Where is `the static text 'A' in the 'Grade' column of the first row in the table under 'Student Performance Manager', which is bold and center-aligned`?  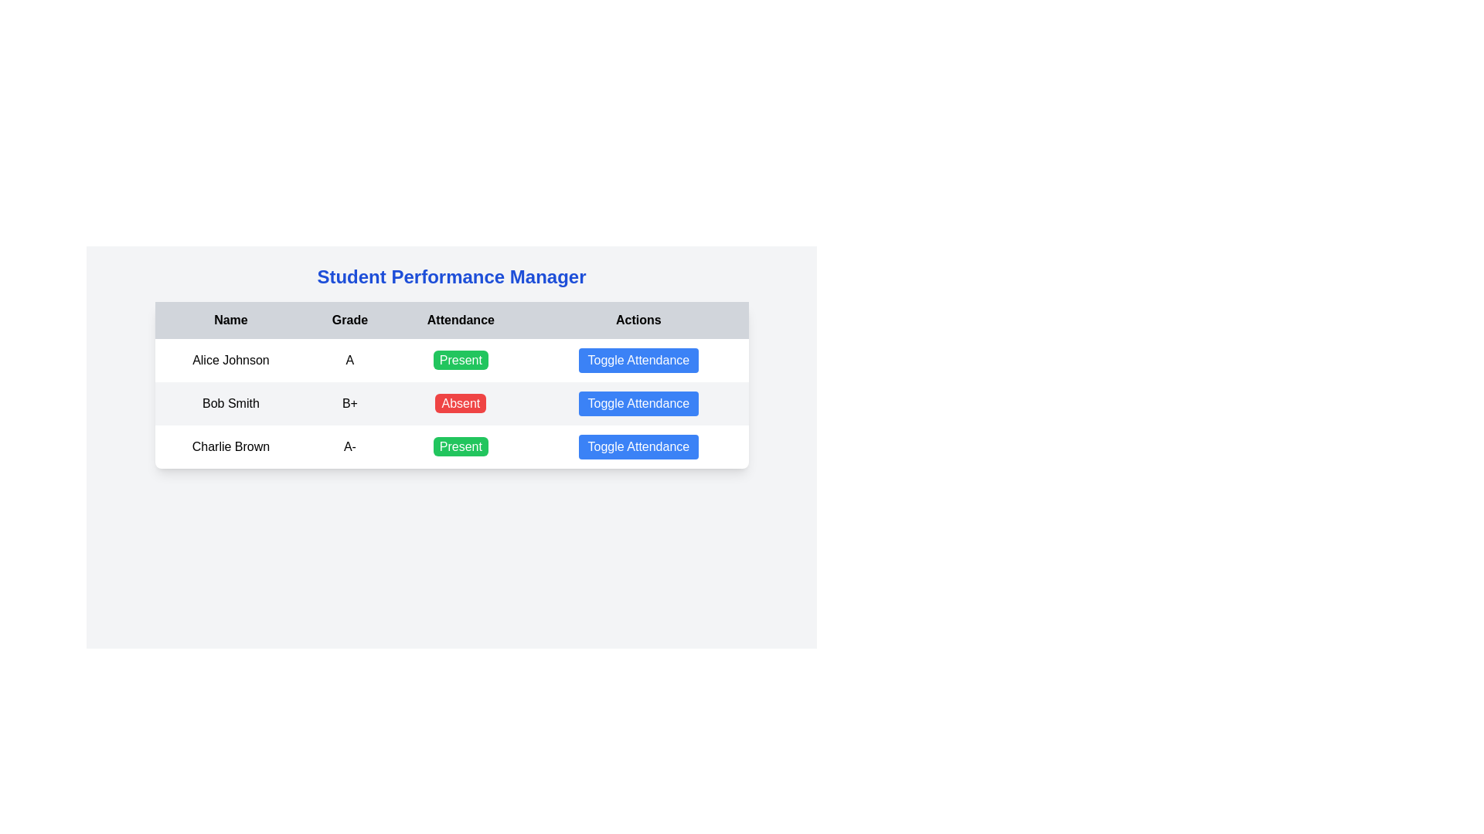
the static text 'A' in the 'Grade' column of the first row in the table under 'Student Performance Manager', which is bold and center-aligned is located at coordinates (349, 360).